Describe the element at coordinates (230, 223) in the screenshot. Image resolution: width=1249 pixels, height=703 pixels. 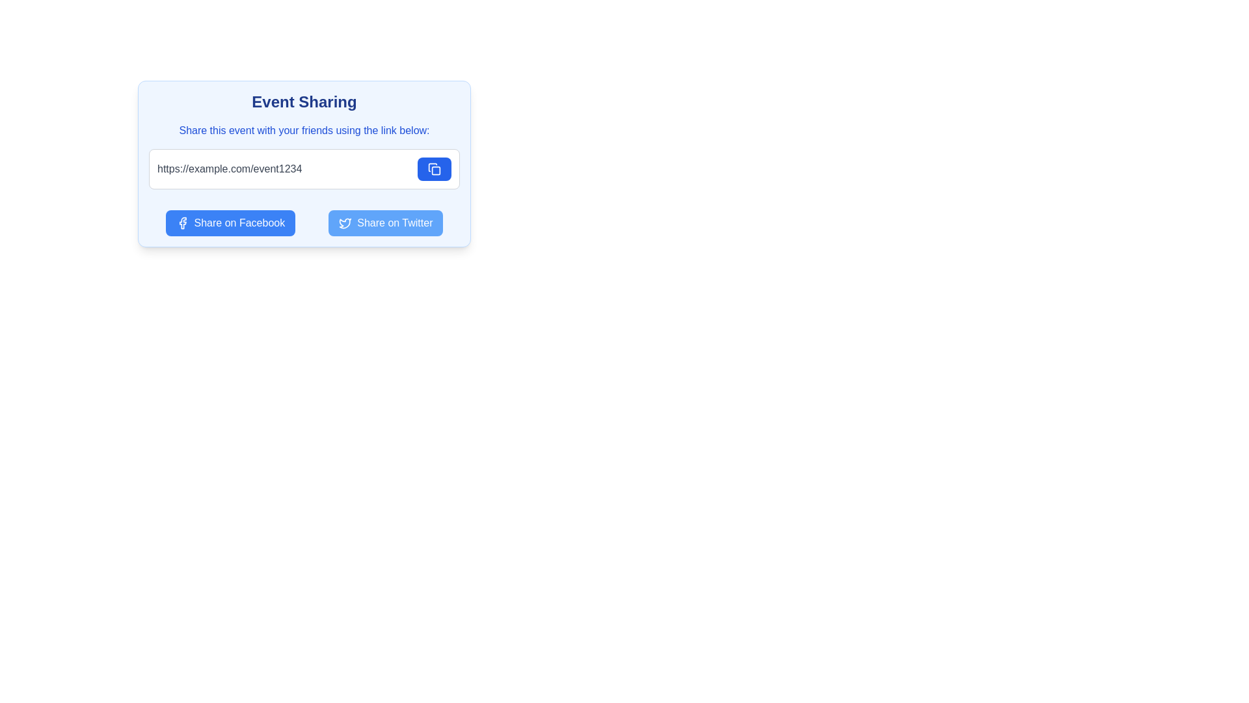
I see `the rounded rectangular blue button with the white Facebook logo and the text 'Share on Facebook'` at that location.